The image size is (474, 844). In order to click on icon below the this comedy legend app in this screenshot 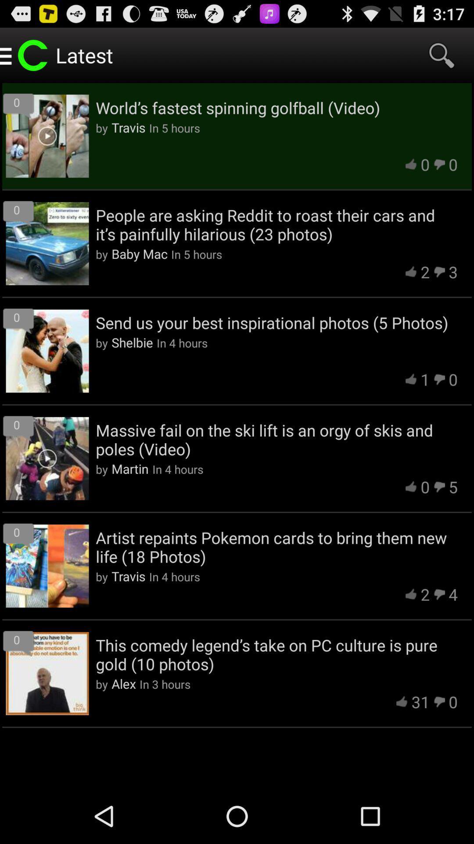, I will do `click(420, 701)`.